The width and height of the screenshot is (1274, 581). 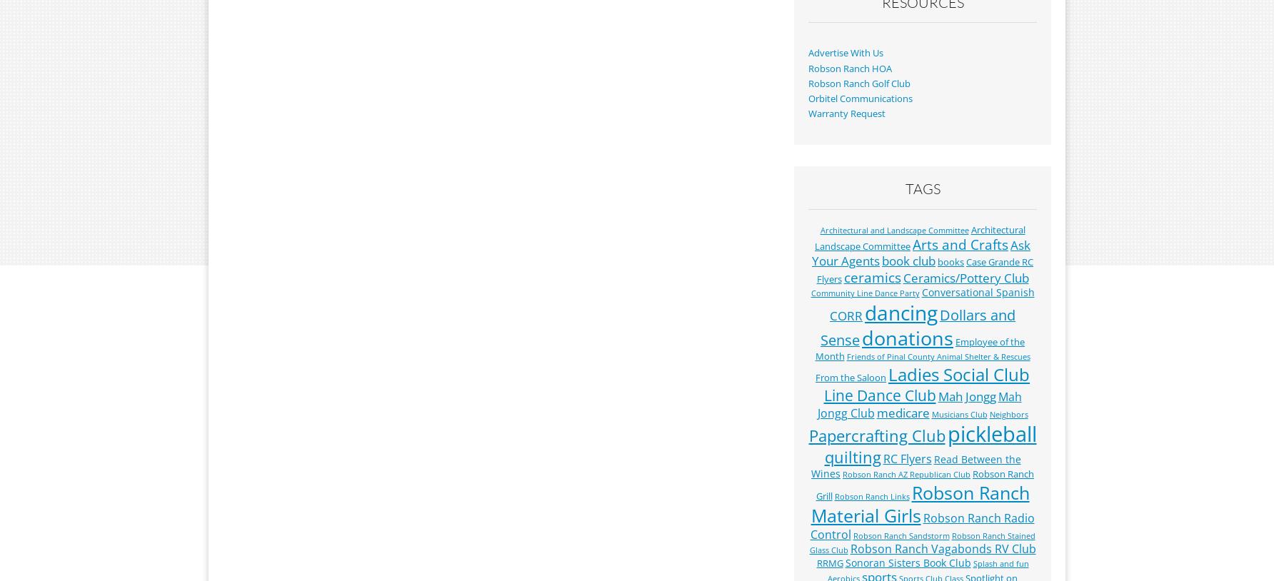 I want to click on 'From the Saloon', so click(x=851, y=375).